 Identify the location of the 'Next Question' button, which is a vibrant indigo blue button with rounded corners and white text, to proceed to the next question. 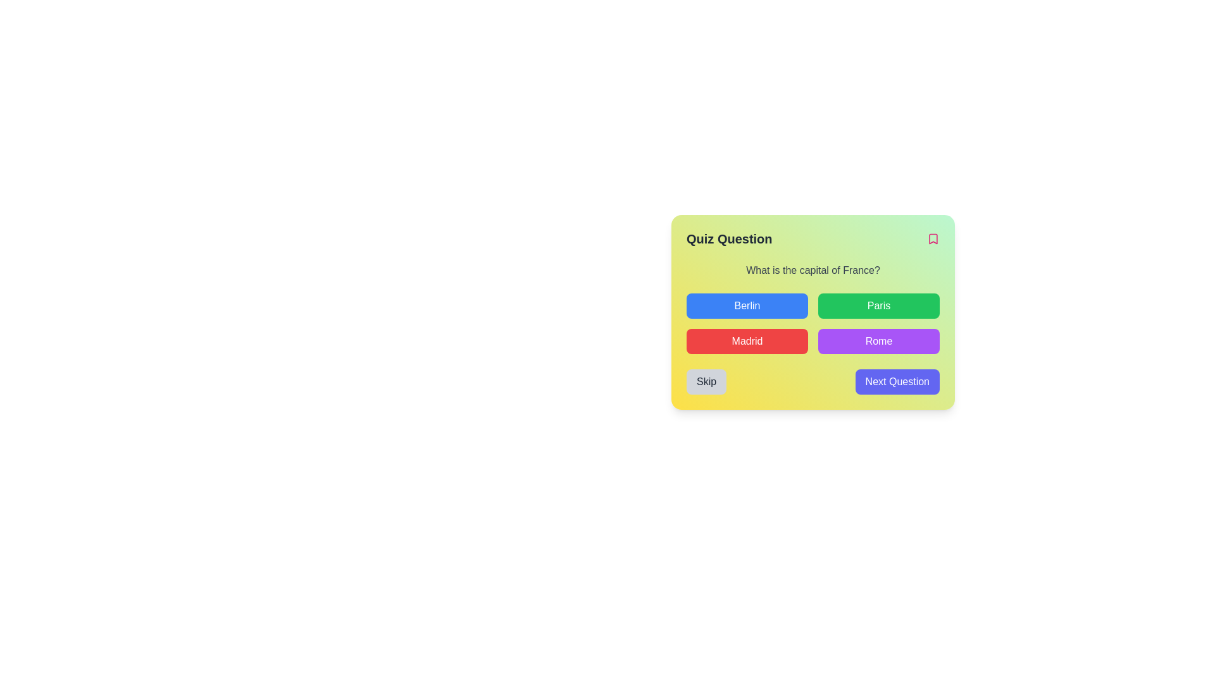
(897, 381).